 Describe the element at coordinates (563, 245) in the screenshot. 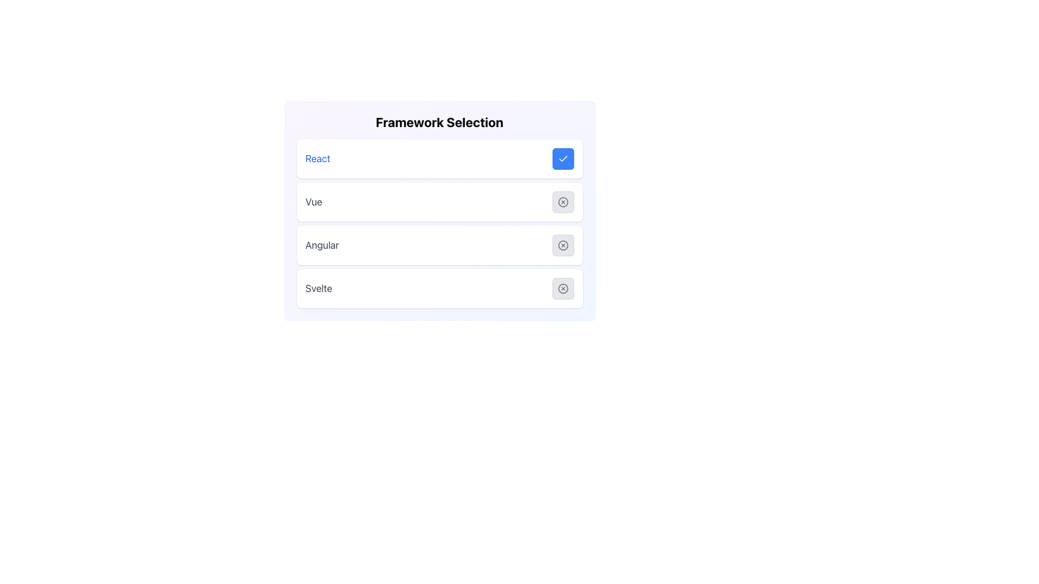

I see `the button that toggles selection or performs an action related to the 'Angular' option, located to the right of the 'Angular' text in the framework options list` at that location.